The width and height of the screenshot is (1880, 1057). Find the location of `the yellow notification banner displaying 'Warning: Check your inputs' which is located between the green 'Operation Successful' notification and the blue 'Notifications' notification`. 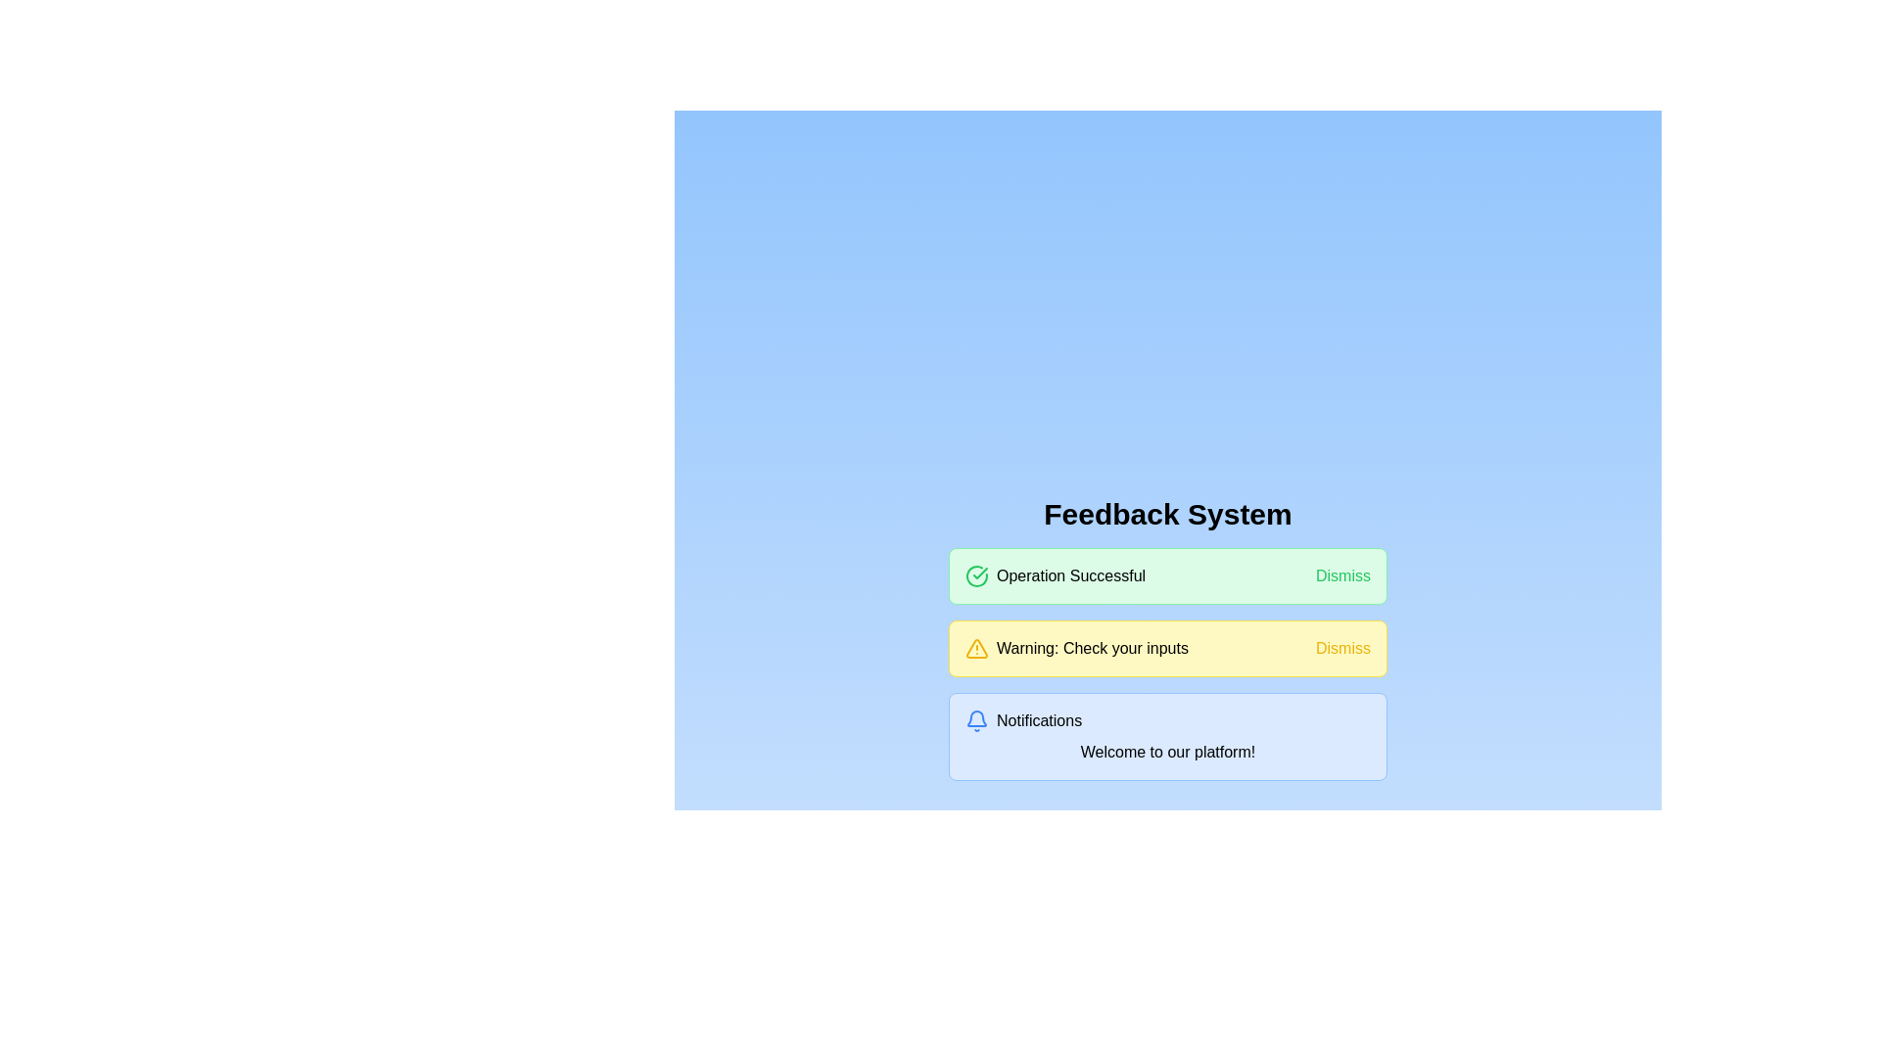

the yellow notification banner displaying 'Warning: Check your inputs' which is located between the green 'Operation Successful' notification and the blue 'Notifications' notification is located at coordinates (1168, 649).